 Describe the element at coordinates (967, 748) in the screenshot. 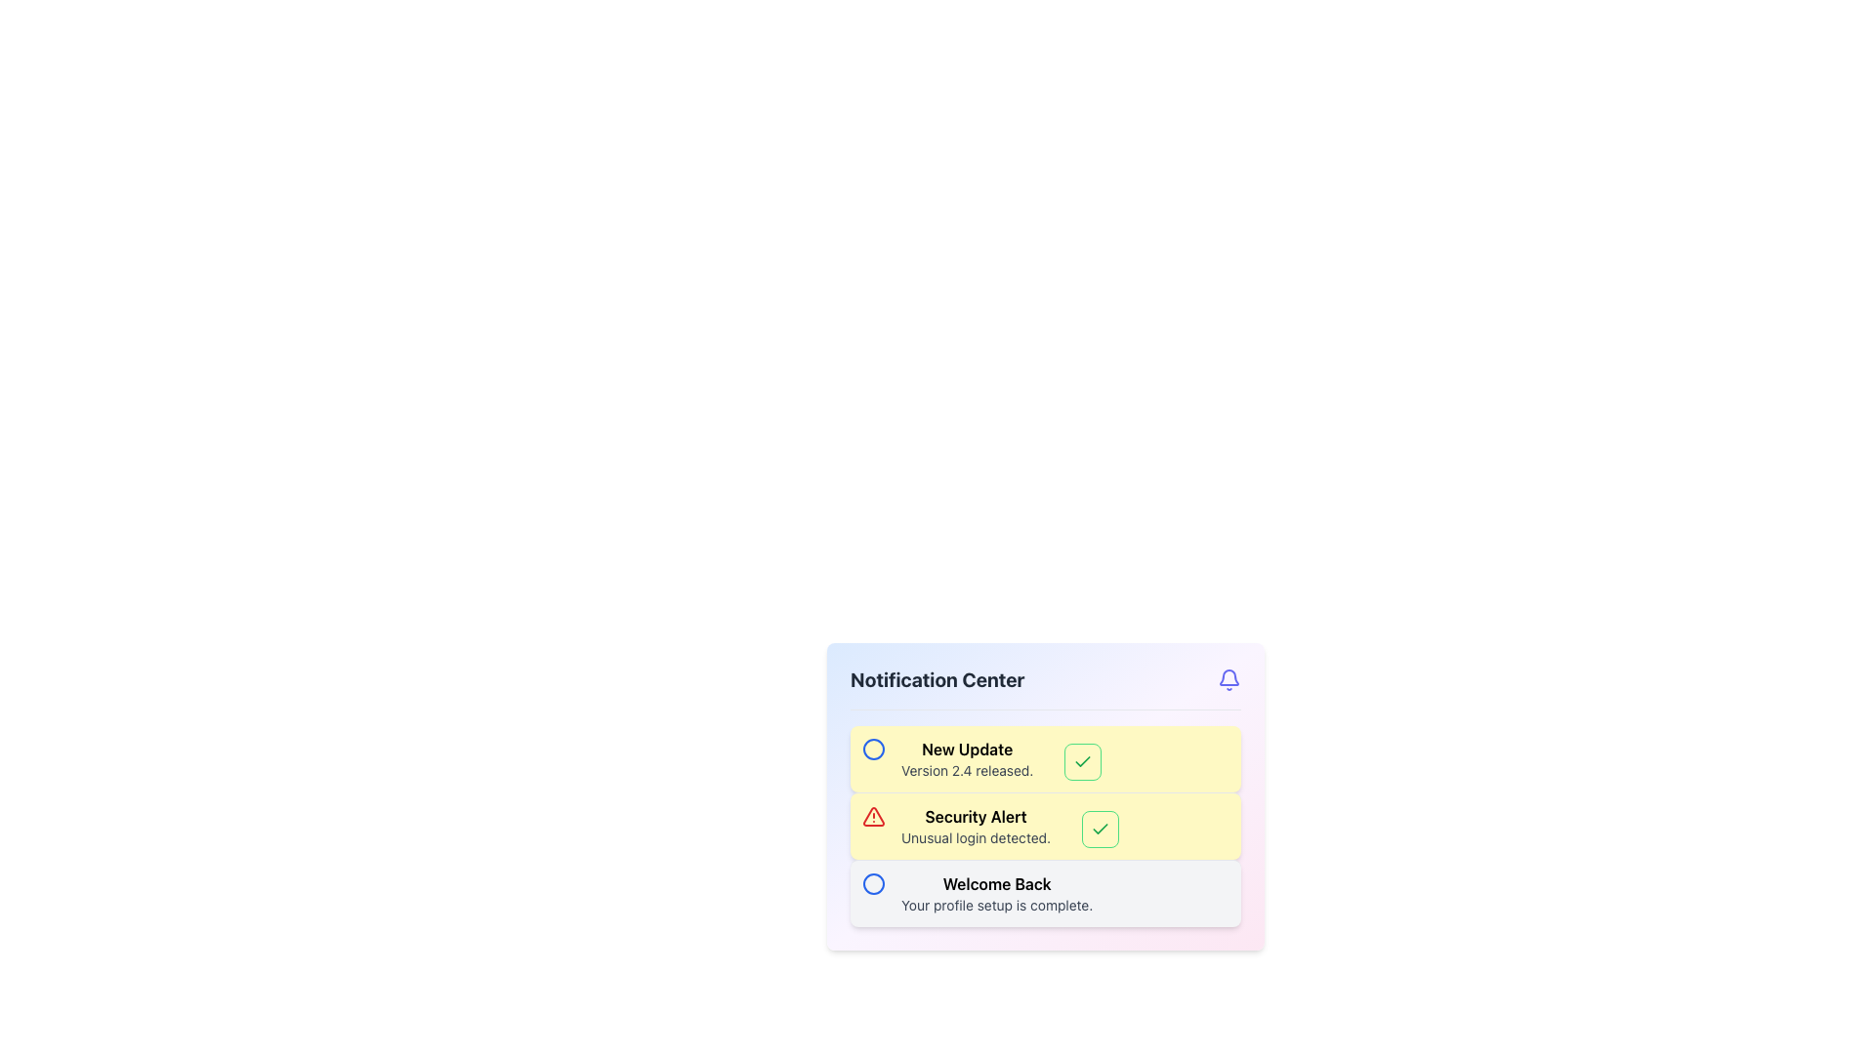

I see `the 'New Update' text label displayed in bold on a light yellow background within the Notification Center section` at that location.